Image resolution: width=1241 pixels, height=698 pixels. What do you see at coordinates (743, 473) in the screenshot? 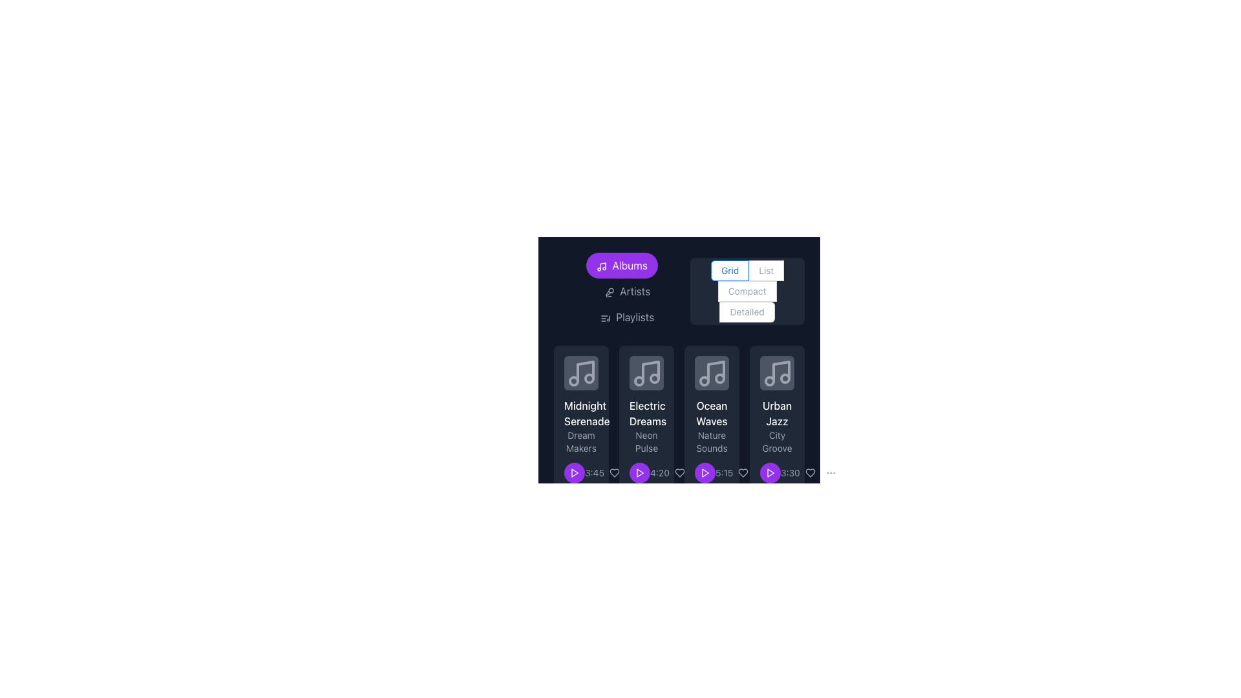
I see `the small gray heart icon to like the 'Ocean Waves' music item, which is the third interactive icon in the control panel below the item` at bounding box center [743, 473].